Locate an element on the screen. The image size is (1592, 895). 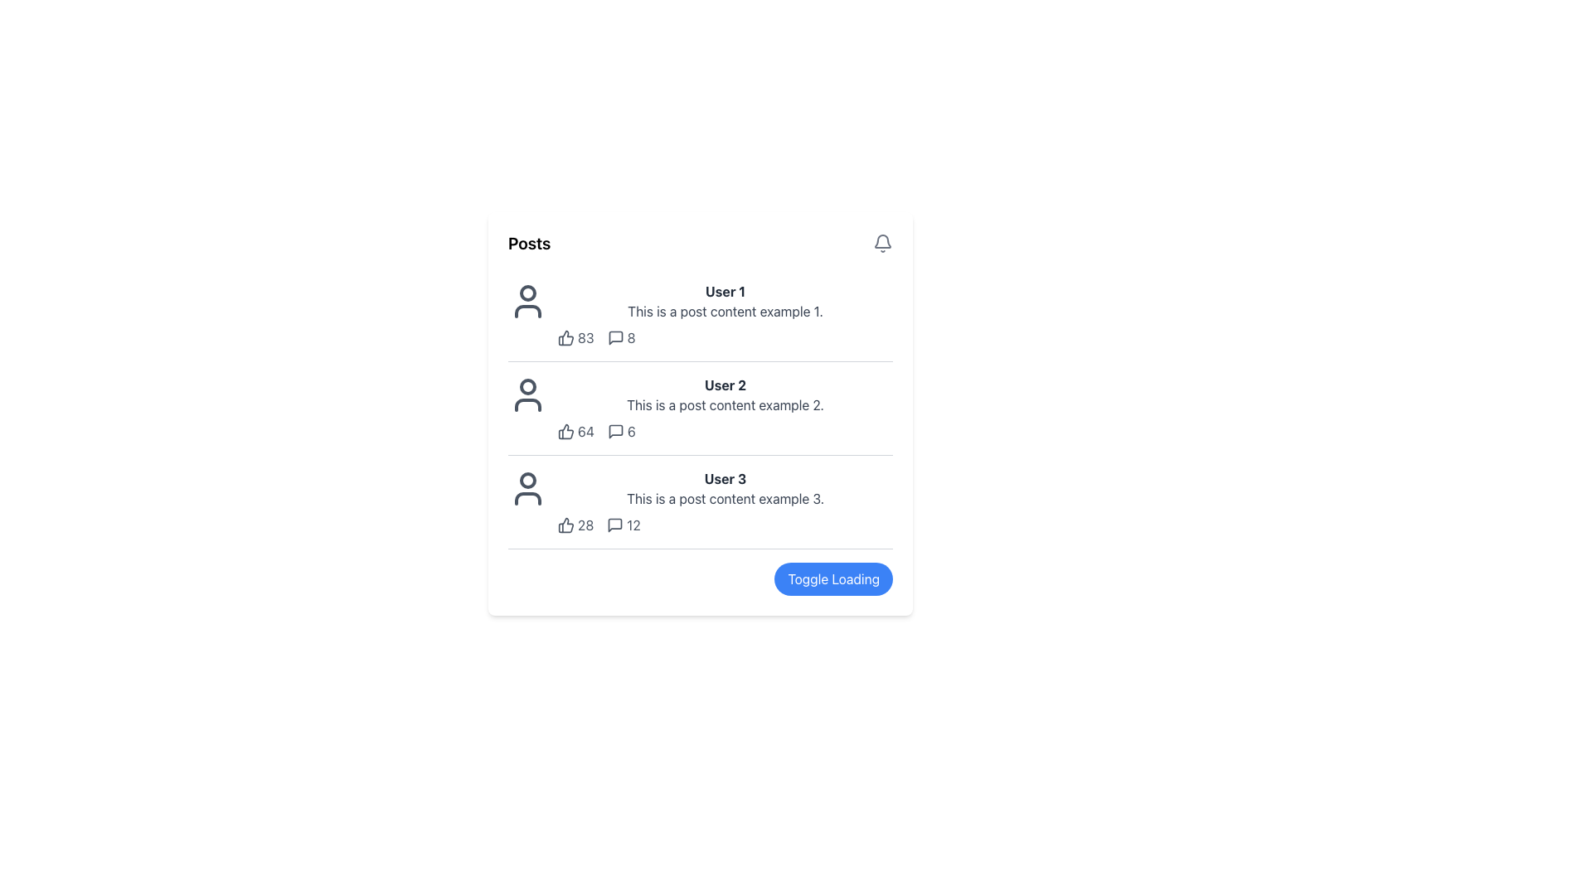
the comments icon located to the right of 'User 2's post entry, under the '64 likes' section and before the textual comment count '6' is located at coordinates (614, 430).